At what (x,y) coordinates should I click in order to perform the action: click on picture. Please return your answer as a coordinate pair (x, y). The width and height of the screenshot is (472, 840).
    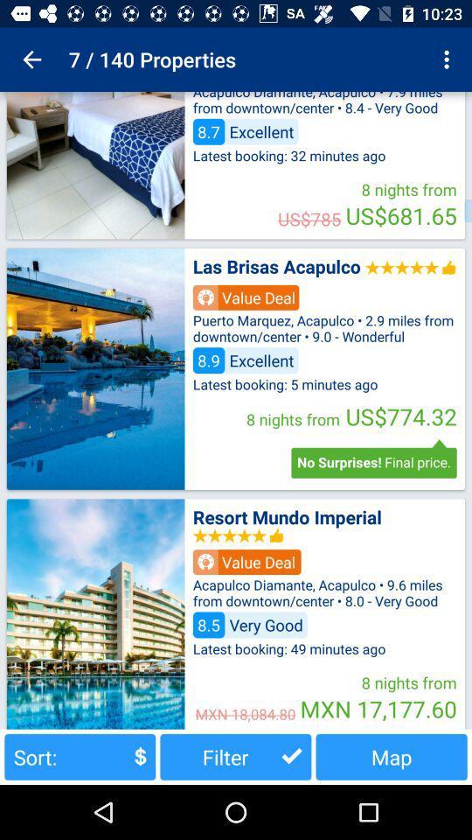
    Looking at the image, I should click on (95, 165).